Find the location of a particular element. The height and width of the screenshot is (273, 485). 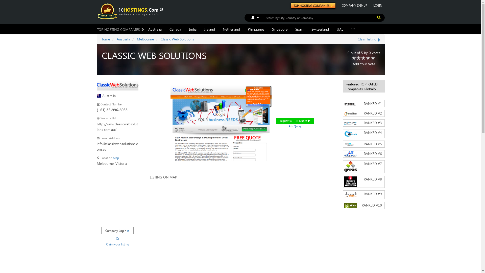

'Ask Query' is located at coordinates (297, 126).